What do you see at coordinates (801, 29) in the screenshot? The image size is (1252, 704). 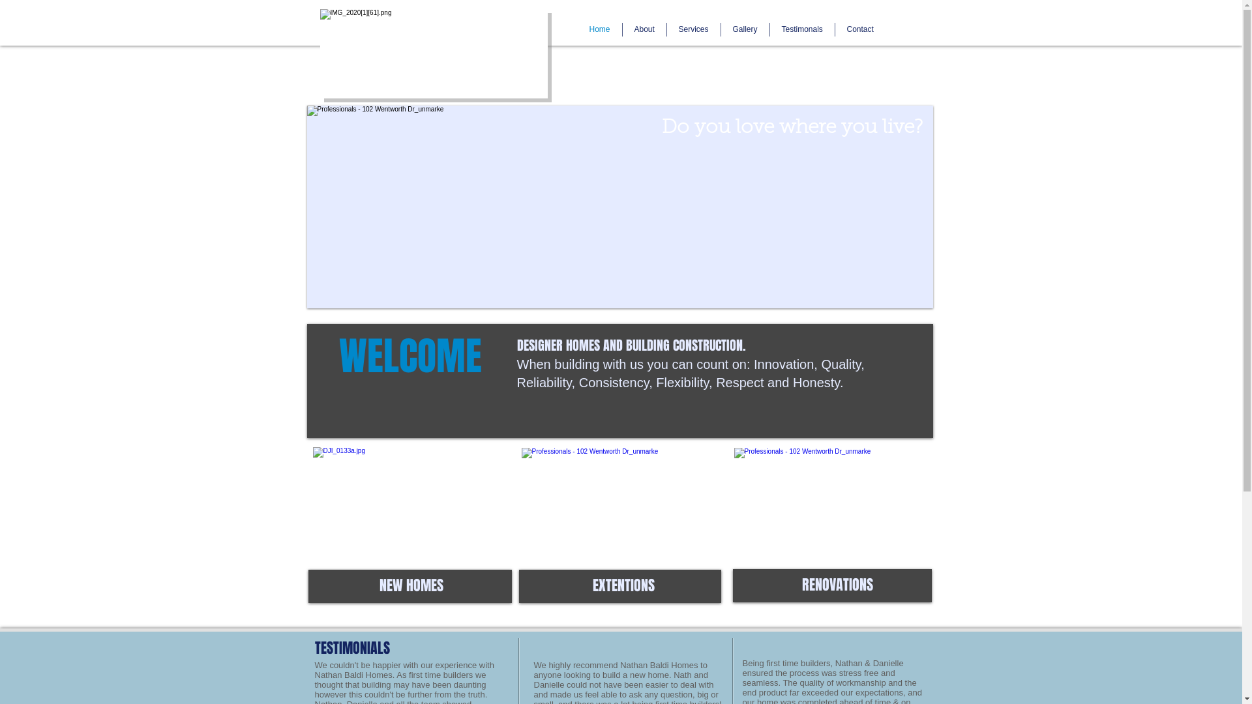 I see `'Testimonals'` at bounding box center [801, 29].